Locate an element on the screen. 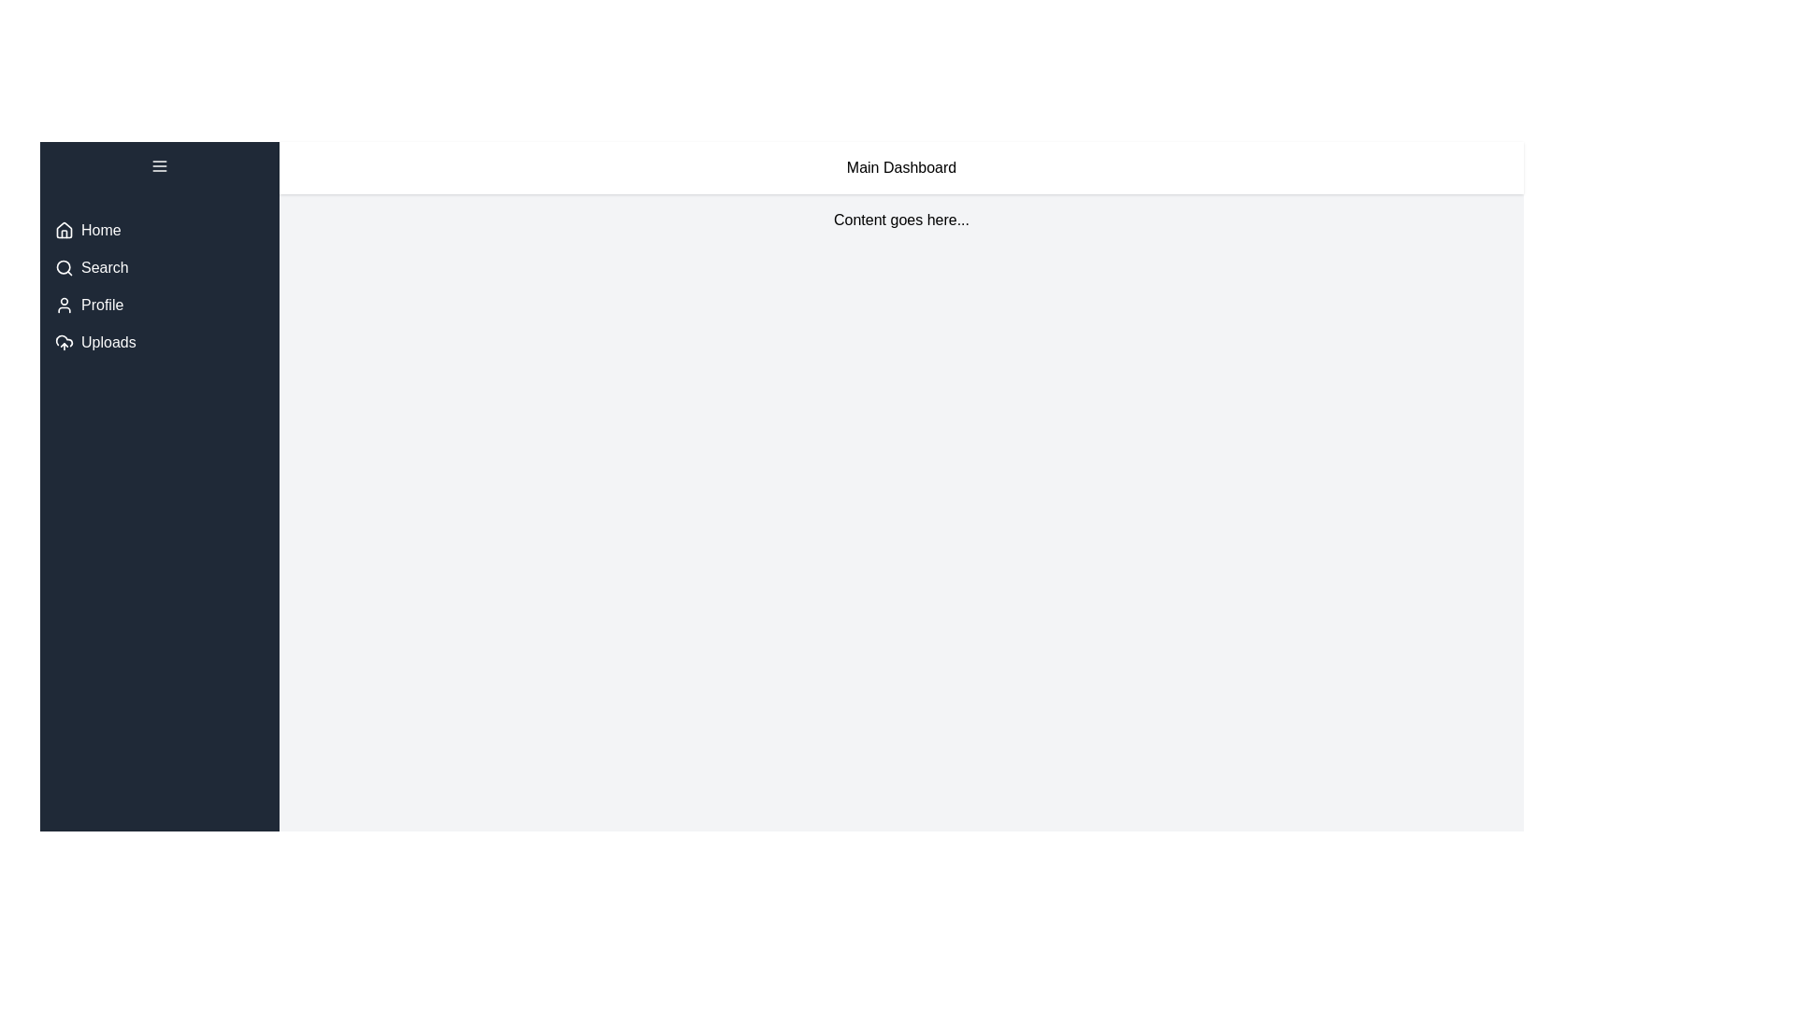 Image resolution: width=1795 pixels, height=1009 pixels. the 'Search' menu item in the dark-themed sidebar is located at coordinates (160, 287).